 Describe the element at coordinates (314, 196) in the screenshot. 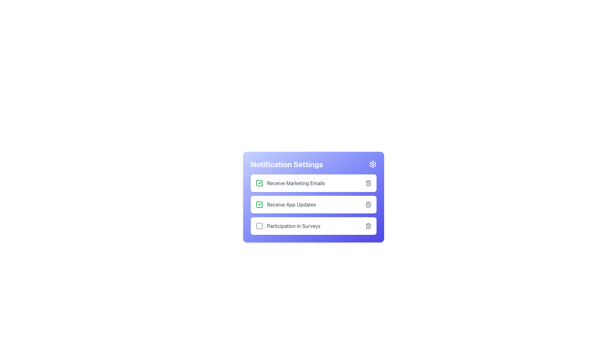

I see `the checkbox in the 'Notification Settings' panel` at that location.